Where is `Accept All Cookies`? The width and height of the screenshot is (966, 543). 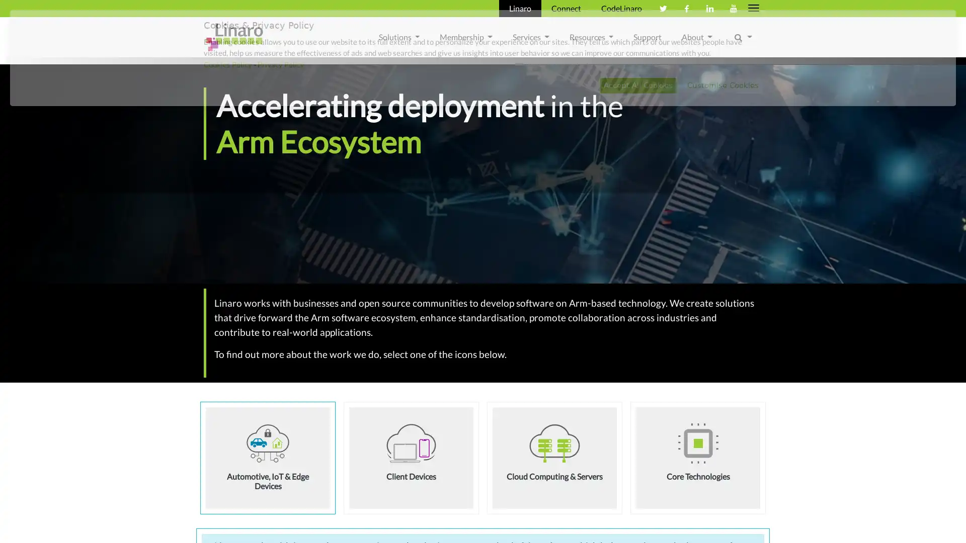 Accept All Cookies is located at coordinates (637, 85).